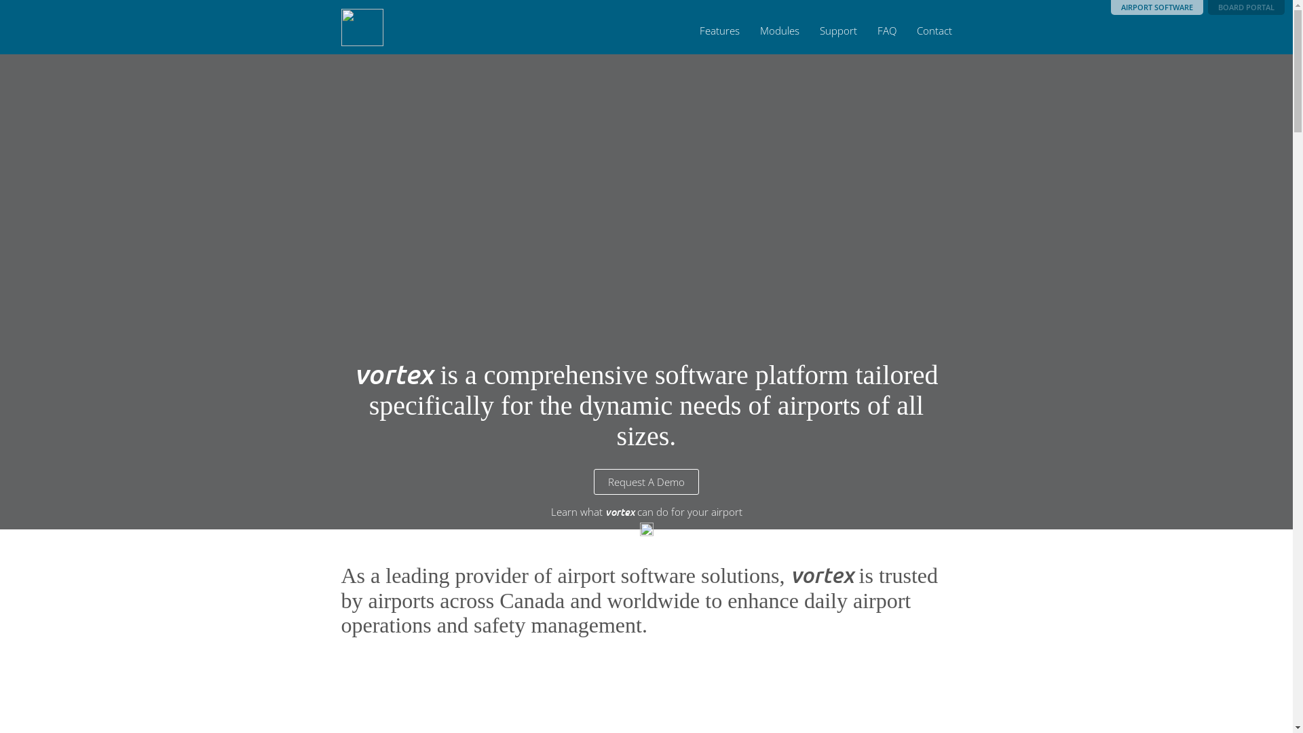 This screenshot has height=733, width=1303. I want to click on 'Contact', so click(933, 31).